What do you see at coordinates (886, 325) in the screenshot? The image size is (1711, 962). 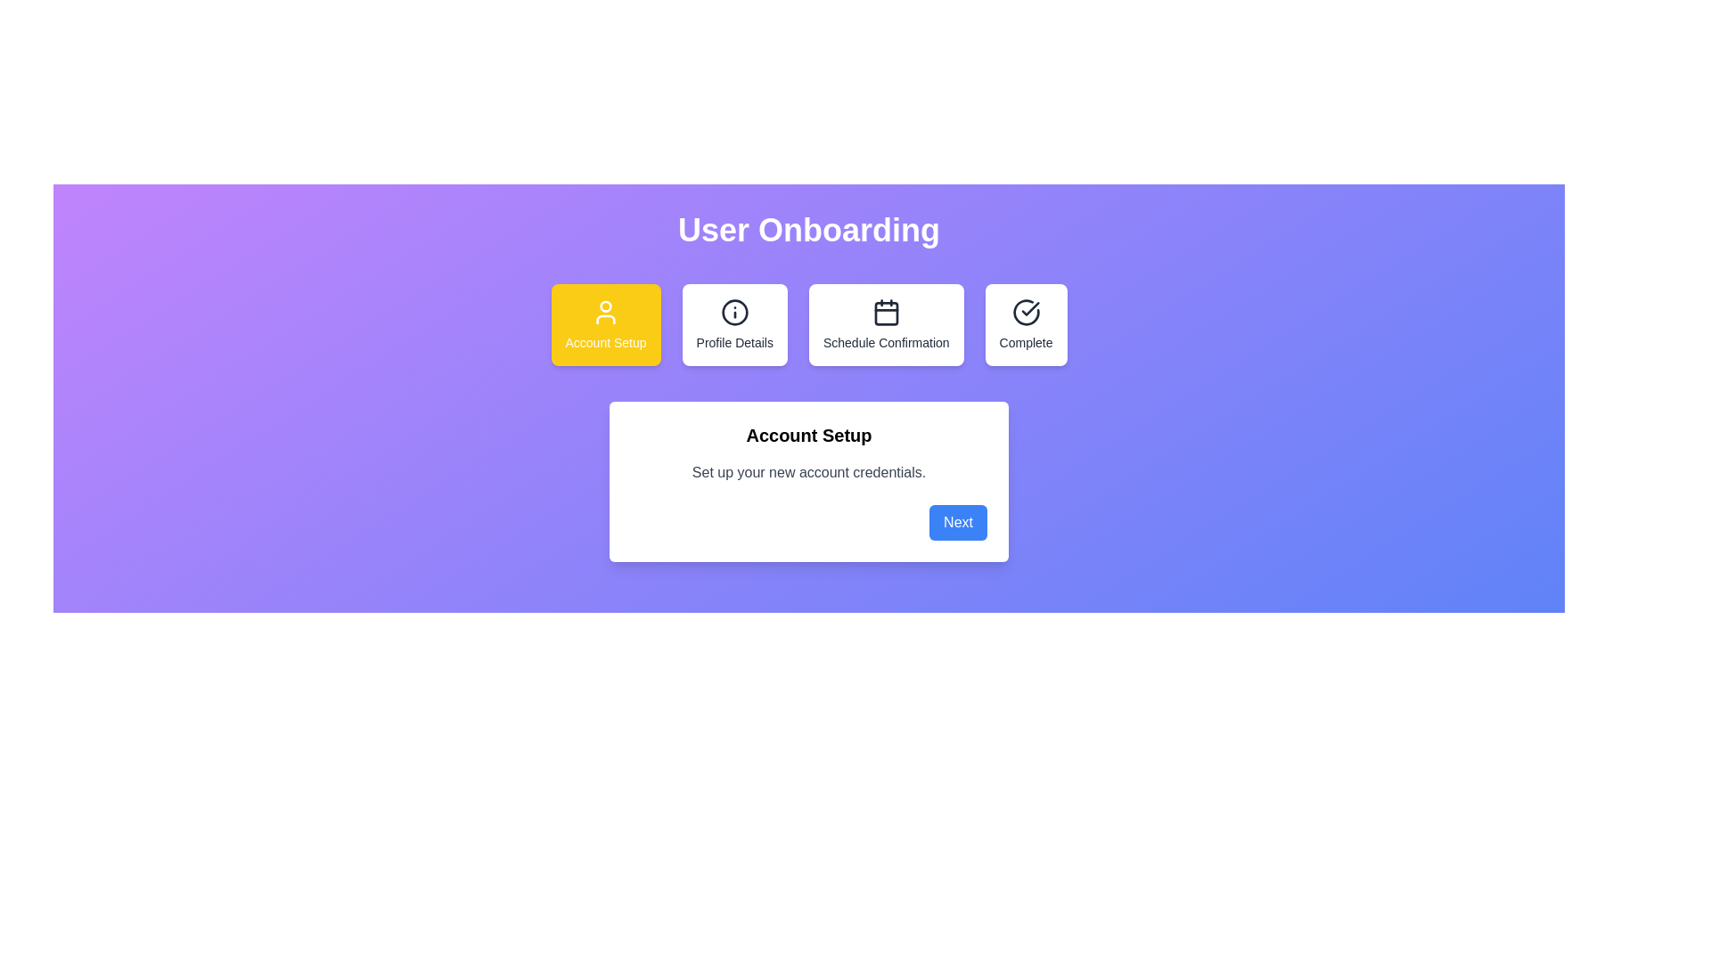 I see `the step icon for Schedule Confirmation to navigate to that step` at bounding box center [886, 325].